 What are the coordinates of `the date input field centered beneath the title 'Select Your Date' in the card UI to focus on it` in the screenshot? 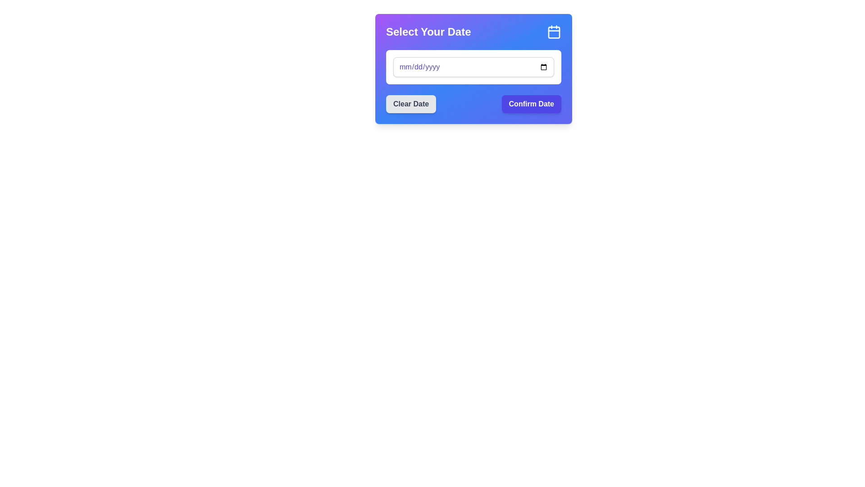 It's located at (473, 67).